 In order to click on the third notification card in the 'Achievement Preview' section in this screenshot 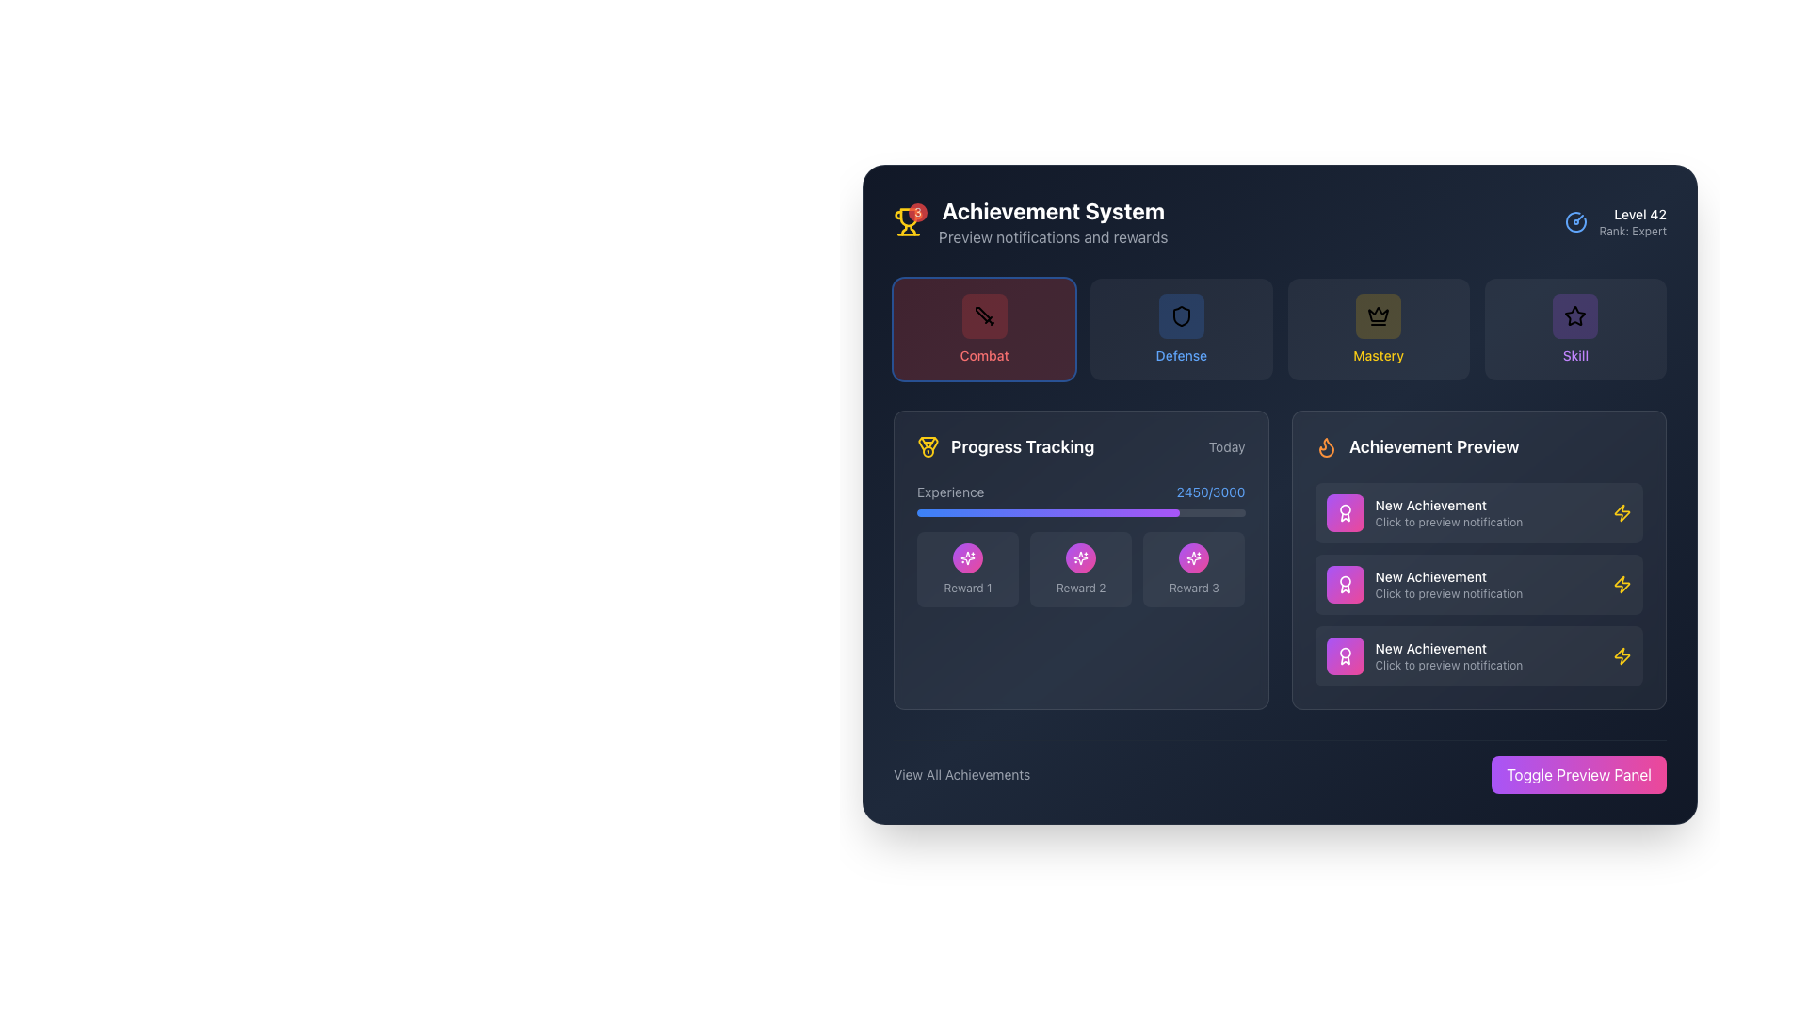, I will do `click(1477, 655)`.